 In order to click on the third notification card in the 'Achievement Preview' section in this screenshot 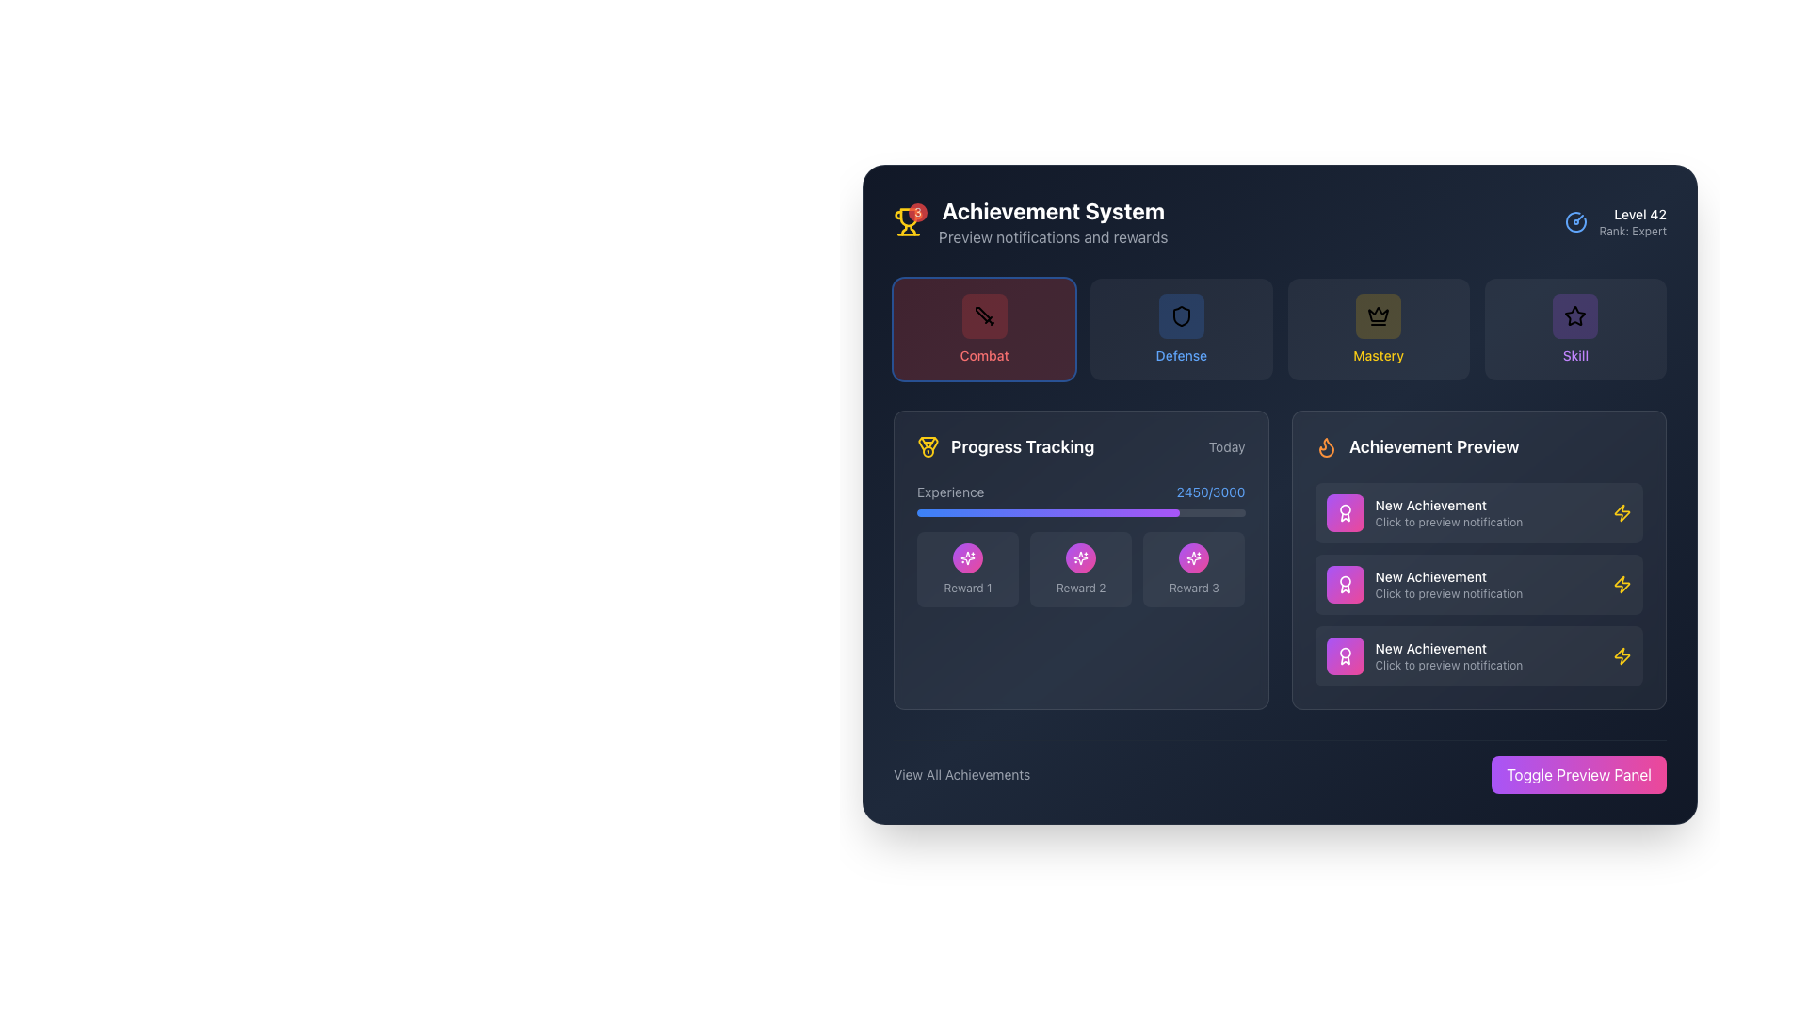, I will do `click(1477, 655)`.